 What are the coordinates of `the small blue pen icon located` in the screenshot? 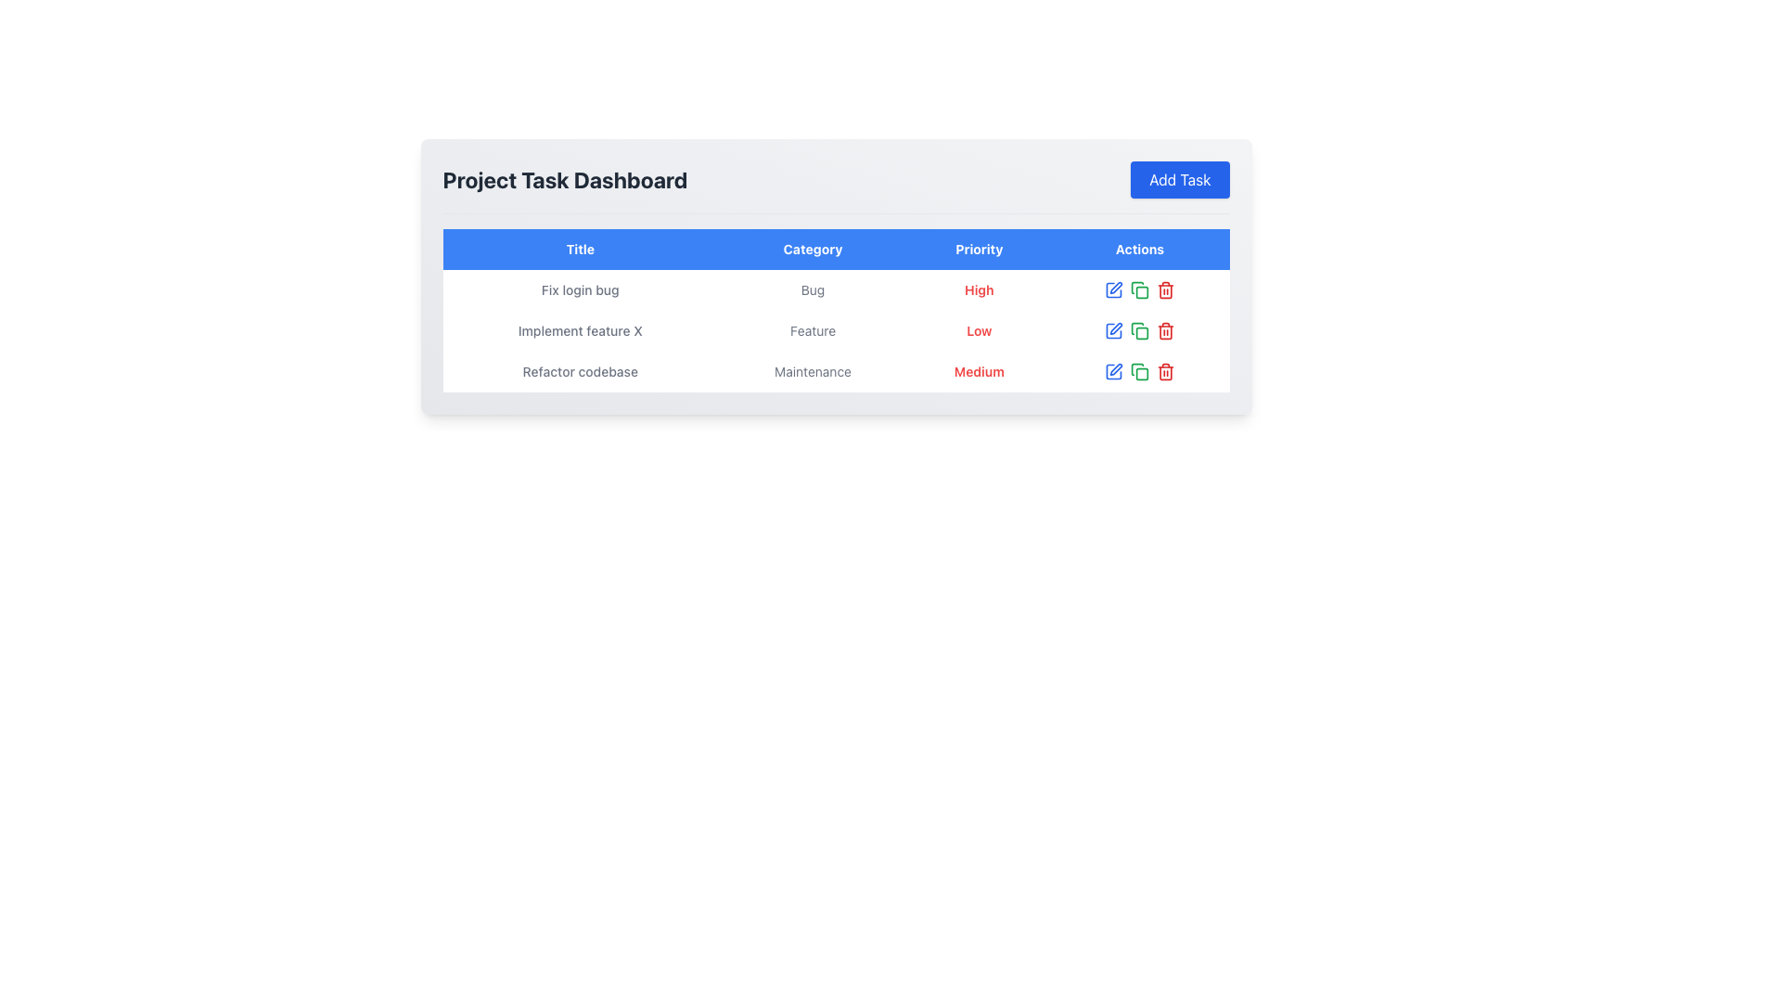 It's located at (1115, 328).